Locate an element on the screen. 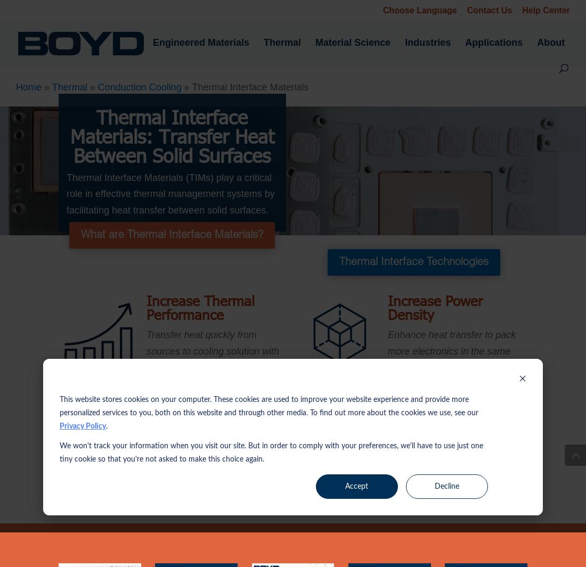  'Industries' is located at coordinates (428, 42).